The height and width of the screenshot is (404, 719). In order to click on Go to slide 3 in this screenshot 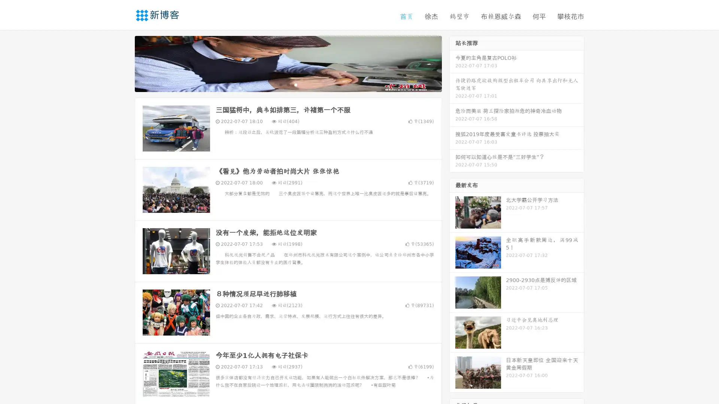, I will do `click(295, 84)`.